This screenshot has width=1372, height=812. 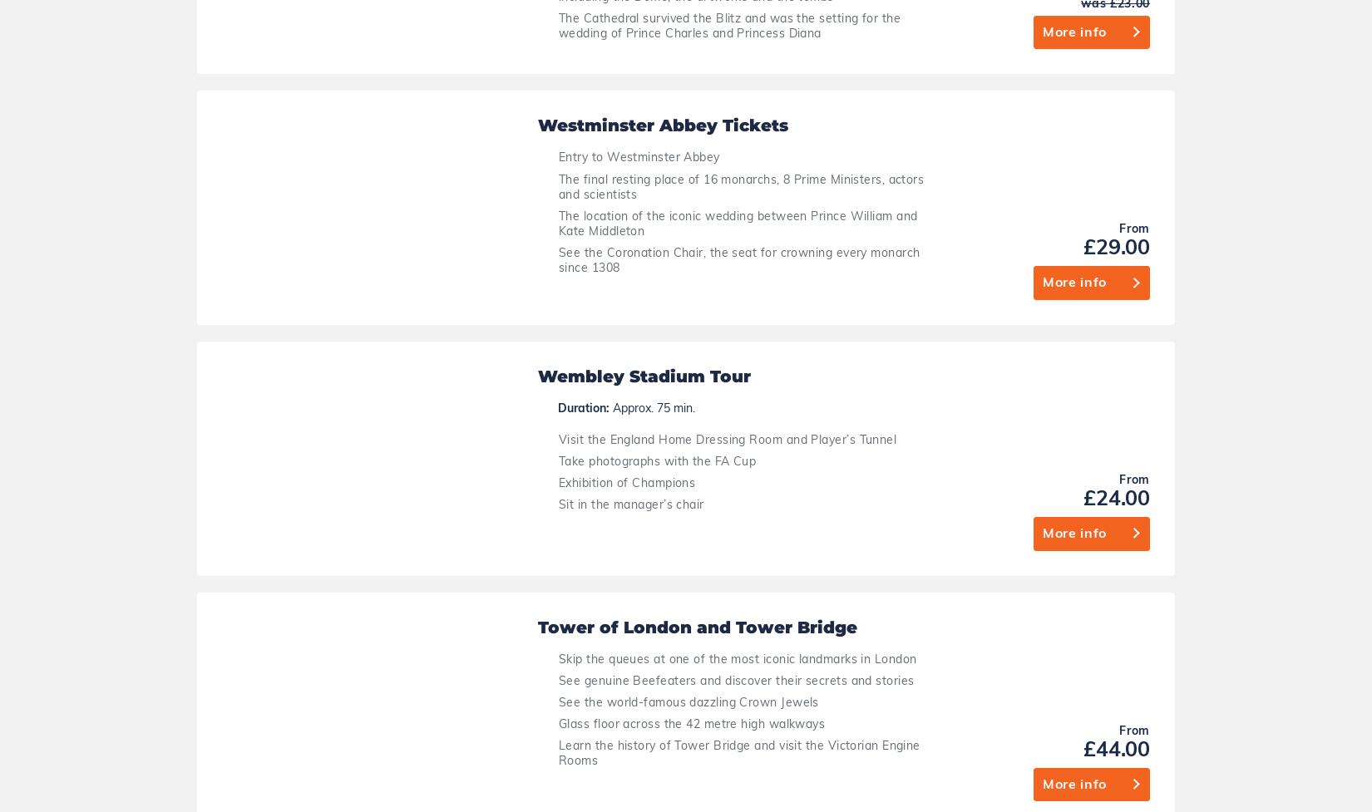 What do you see at coordinates (651, 603) in the screenshot?
I see `'Video and audio clips of his most famous speeches'` at bounding box center [651, 603].